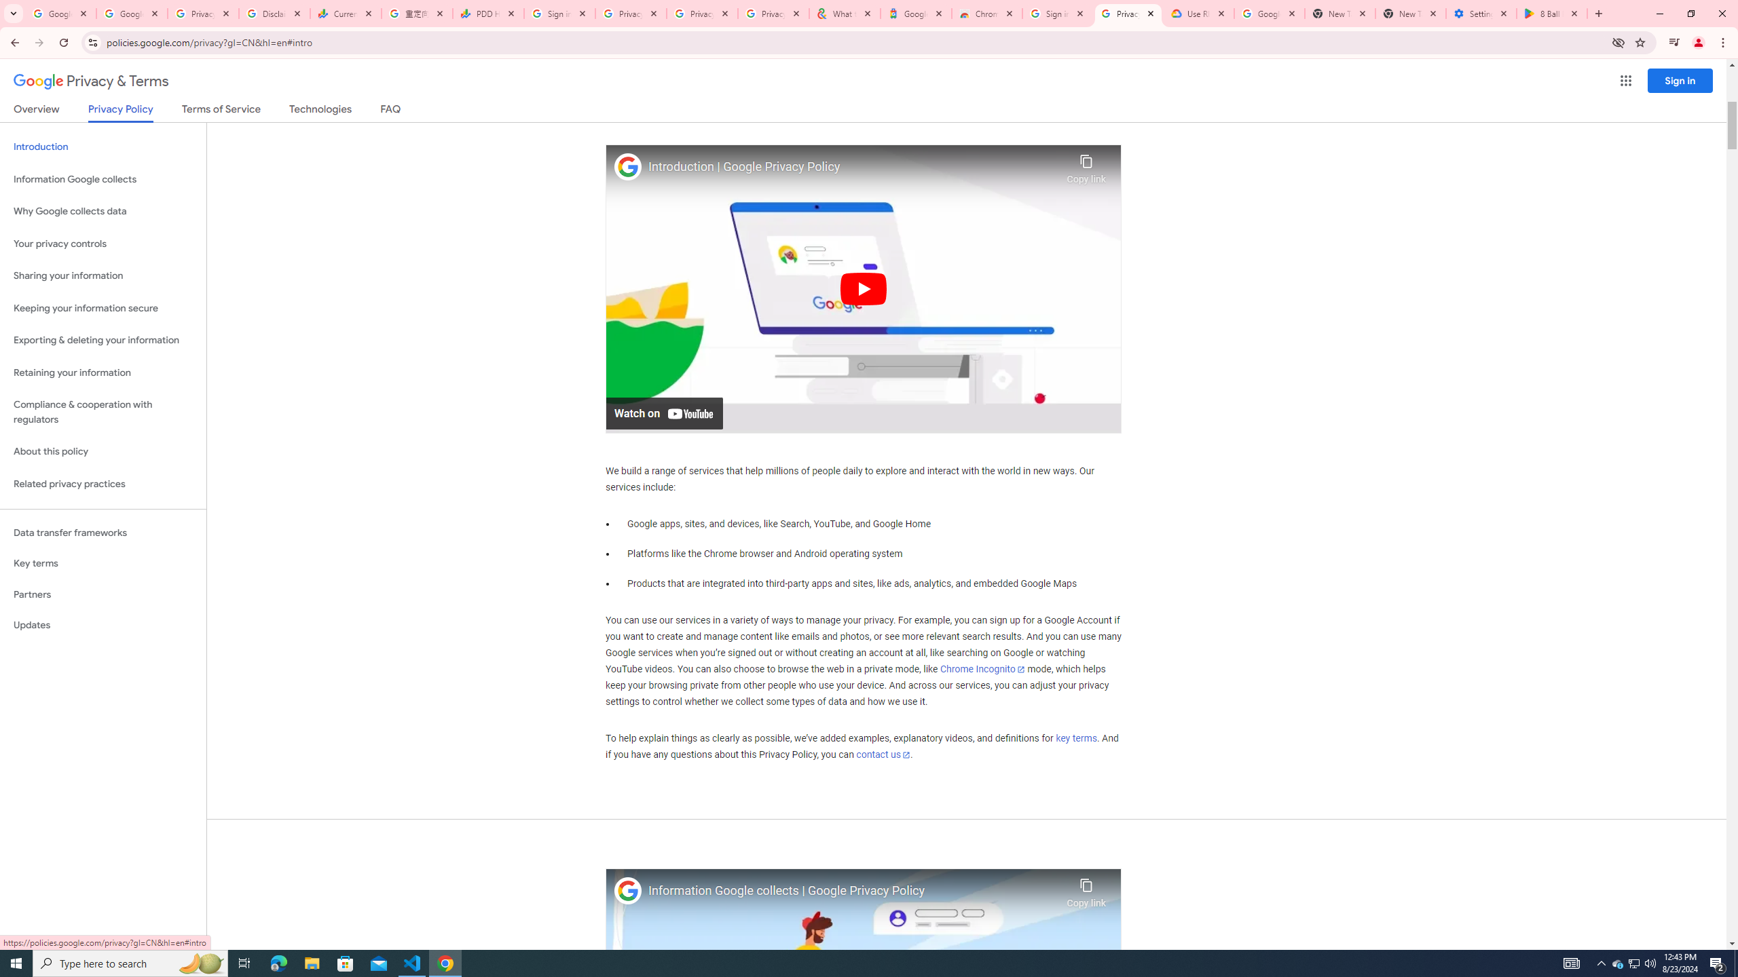 The height and width of the screenshot is (977, 1738). I want to click on 'Google Workspace Admin Community', so click(60, 13).